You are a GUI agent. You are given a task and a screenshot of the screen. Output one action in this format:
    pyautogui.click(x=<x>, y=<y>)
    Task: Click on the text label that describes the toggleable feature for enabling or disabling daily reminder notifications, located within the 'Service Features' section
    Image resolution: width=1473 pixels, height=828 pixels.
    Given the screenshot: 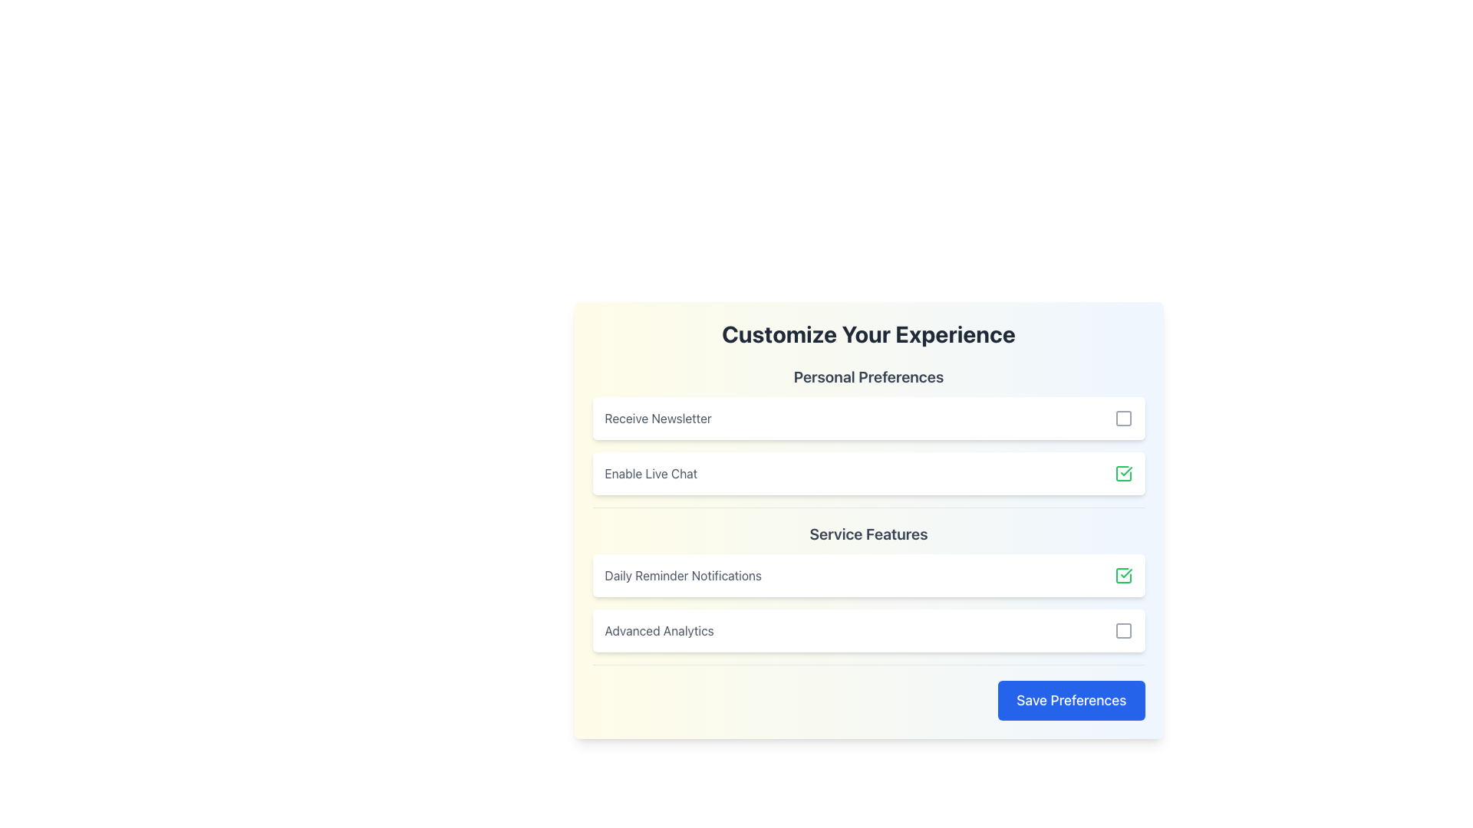 What is the action you would take?
    pyautogui.click(x=682, y=576)
    